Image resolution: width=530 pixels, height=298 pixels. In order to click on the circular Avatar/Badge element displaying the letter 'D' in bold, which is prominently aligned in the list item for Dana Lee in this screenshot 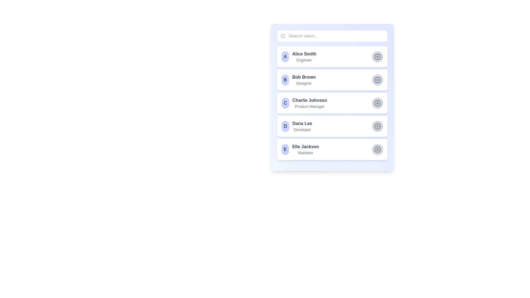, I will do `click(285, 126)`.